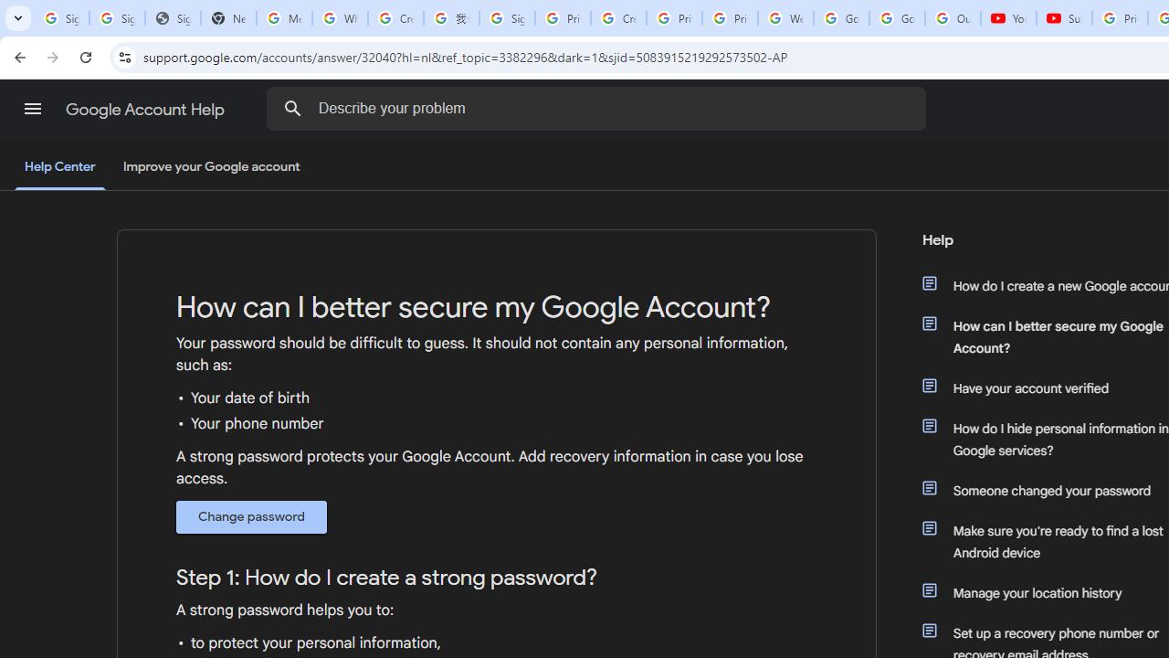 This screenshot has height=658, width=1169. Describe the element at coordinates (785, 18) in the screenshot. I see `'Welcome to My Activity'` at that location.